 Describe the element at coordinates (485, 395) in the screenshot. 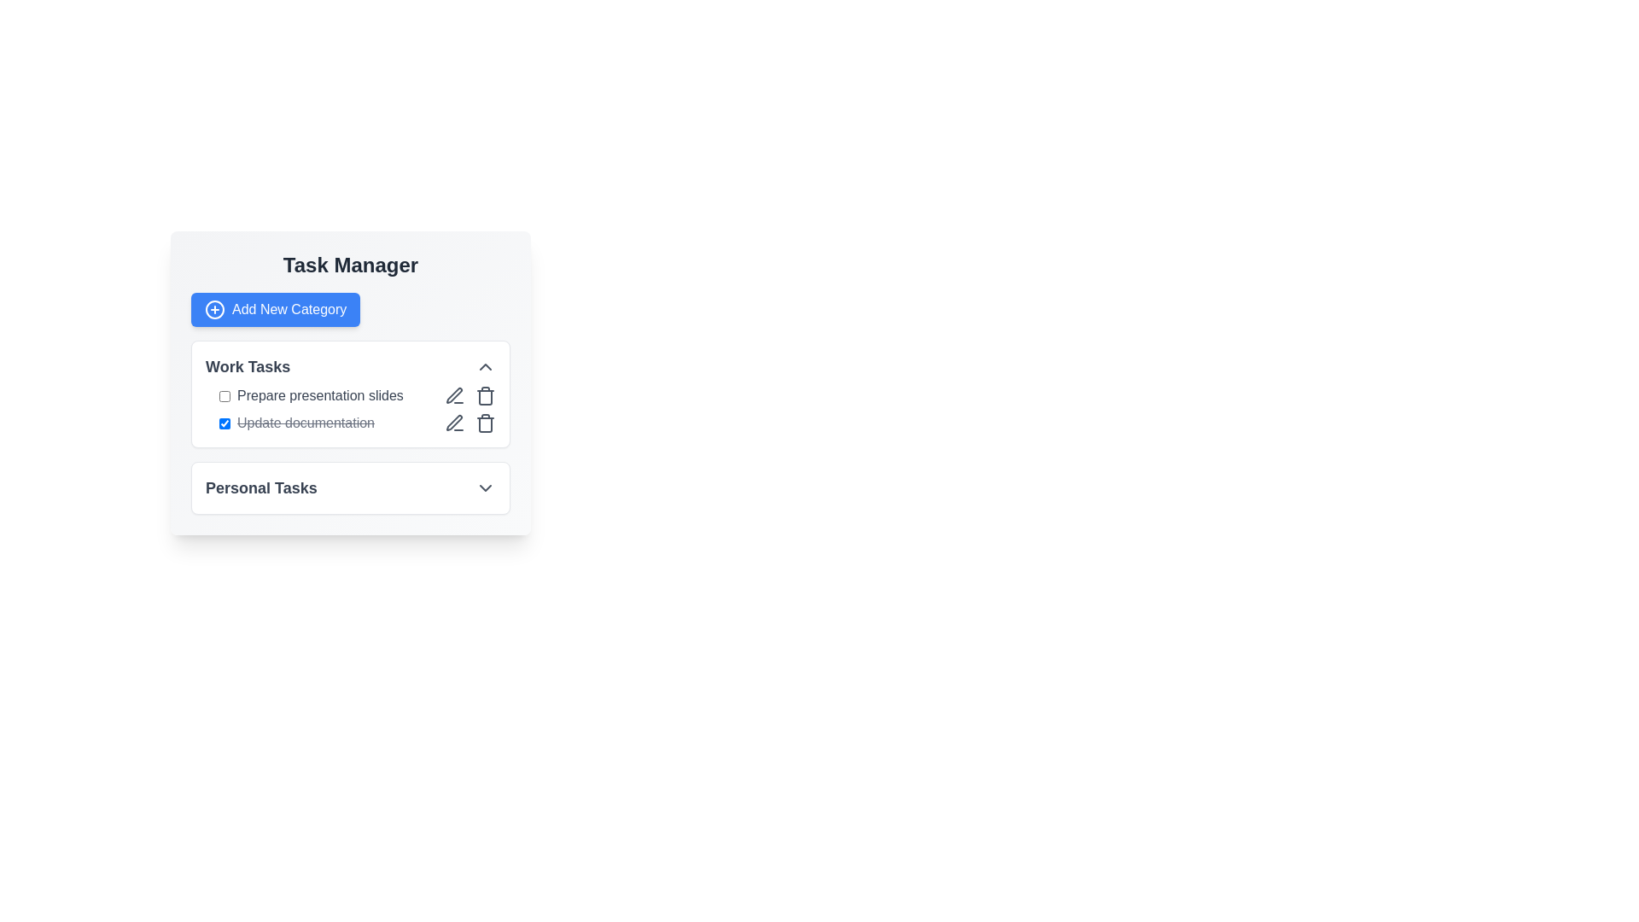

I see `the Trash icon button located in the 'Work Tasks' section, which is positioned to the right of the task 'Update documentation.' This action will change the icon's color` at that location.